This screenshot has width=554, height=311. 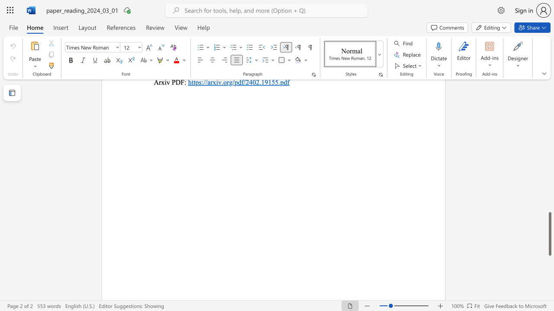 I want to click on the scrollbar on the right to move the page upward, so click(x=549, y=212).